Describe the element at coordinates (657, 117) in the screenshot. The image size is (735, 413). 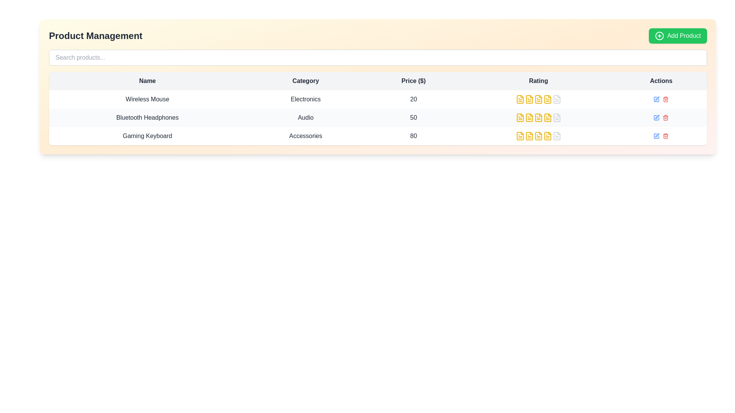
I see `the edit icon button located in the 'Actions' column of the third data row in the table` at that location.